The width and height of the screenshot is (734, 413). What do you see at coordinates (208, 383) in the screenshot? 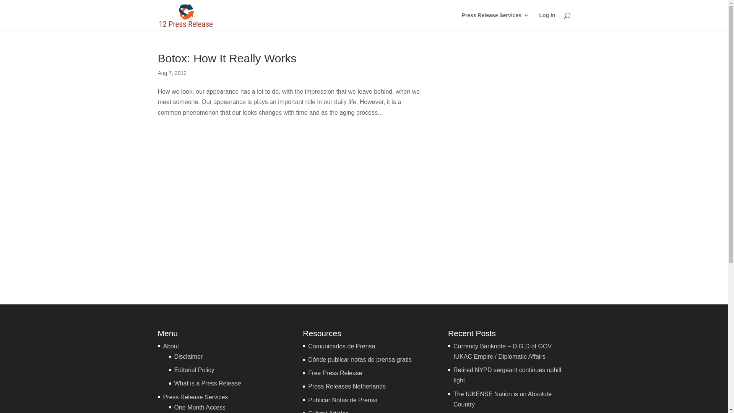
I see `'What is a Press Release'` at bounding box center [208, 383].